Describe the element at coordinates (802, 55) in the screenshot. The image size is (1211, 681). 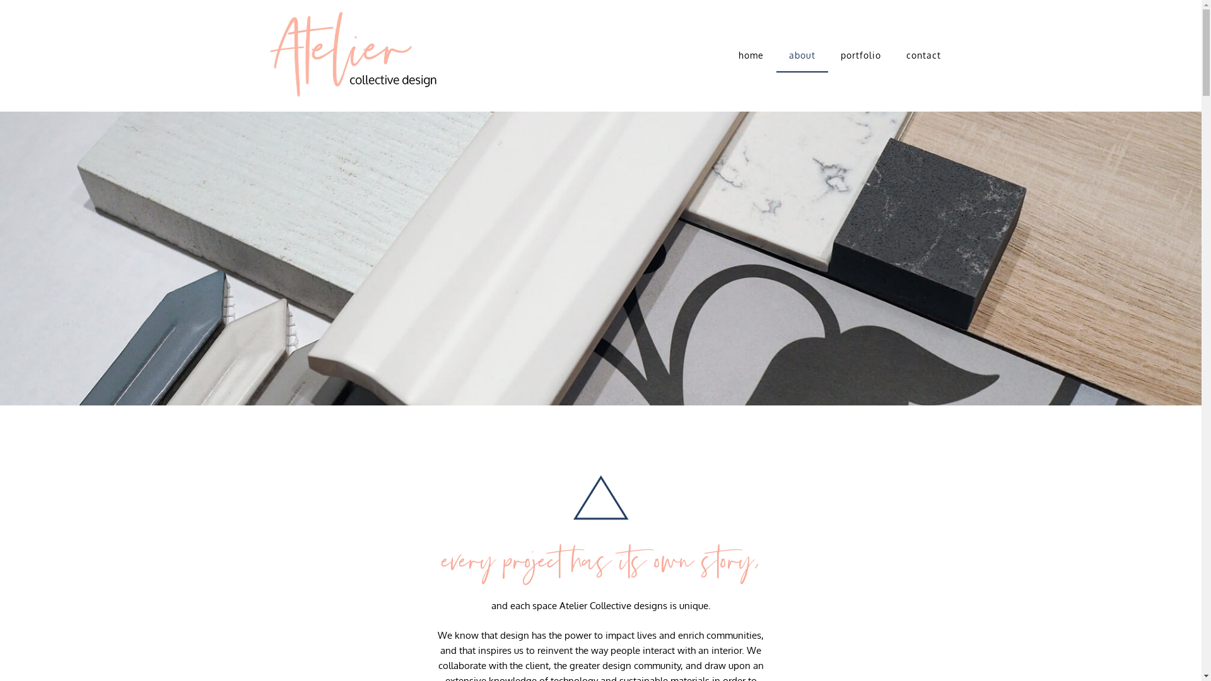
I see `'about'` at that location.